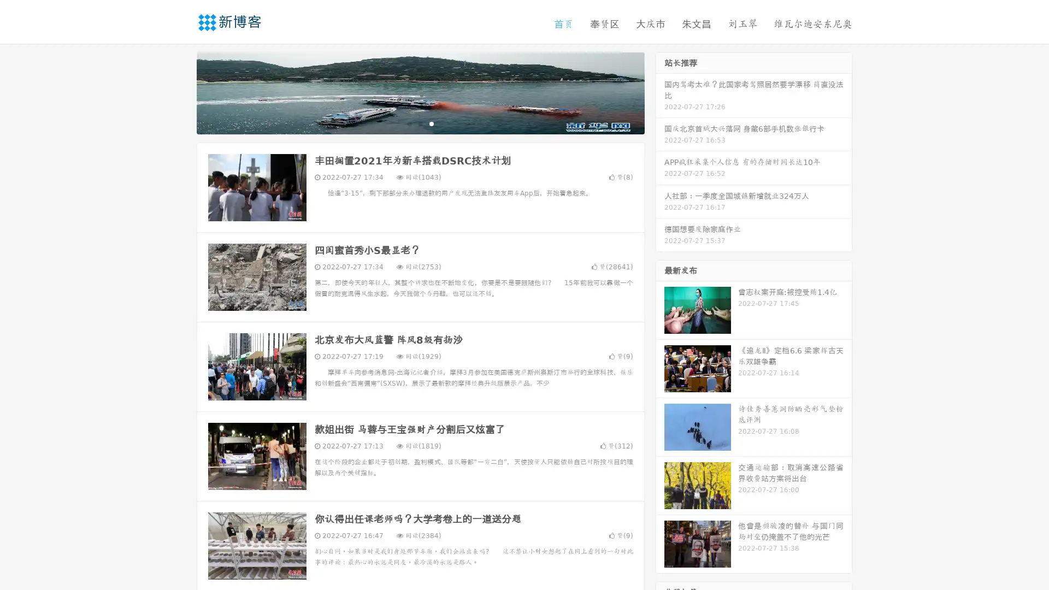  I want to click on Go to slide 3, so click(431, 123).